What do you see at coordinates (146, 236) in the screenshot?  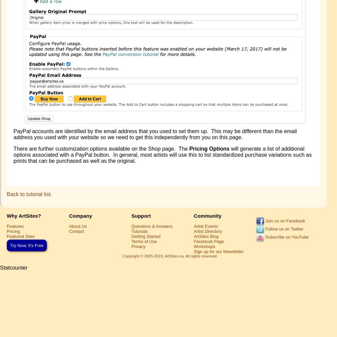 I see `'Getting Started'` at bounding box center [146, 236].